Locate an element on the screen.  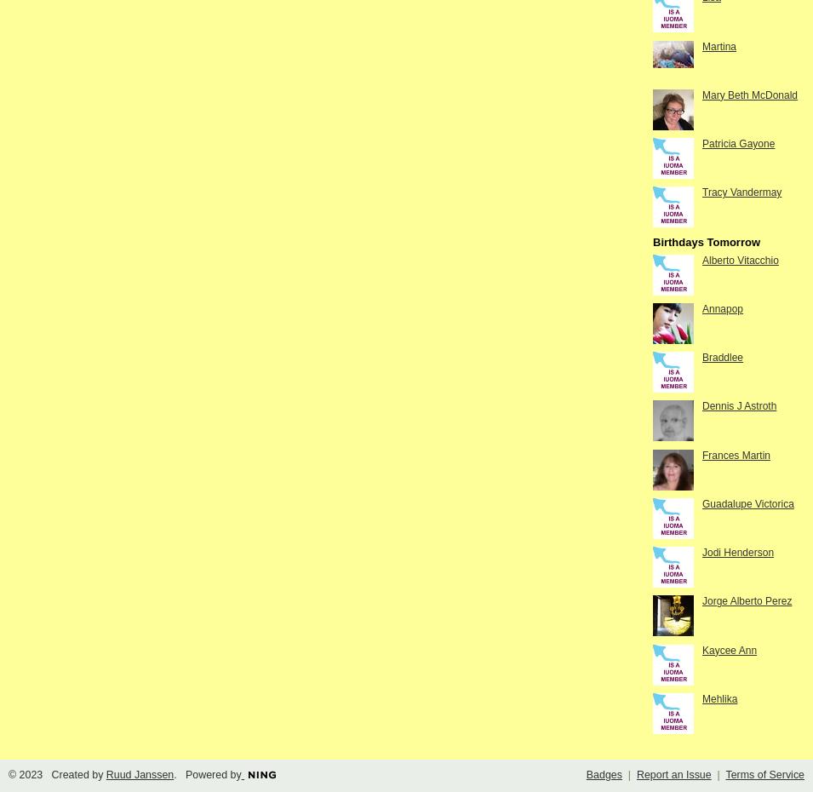
'.             
    Powered by' is located at coordinates (207, 775).